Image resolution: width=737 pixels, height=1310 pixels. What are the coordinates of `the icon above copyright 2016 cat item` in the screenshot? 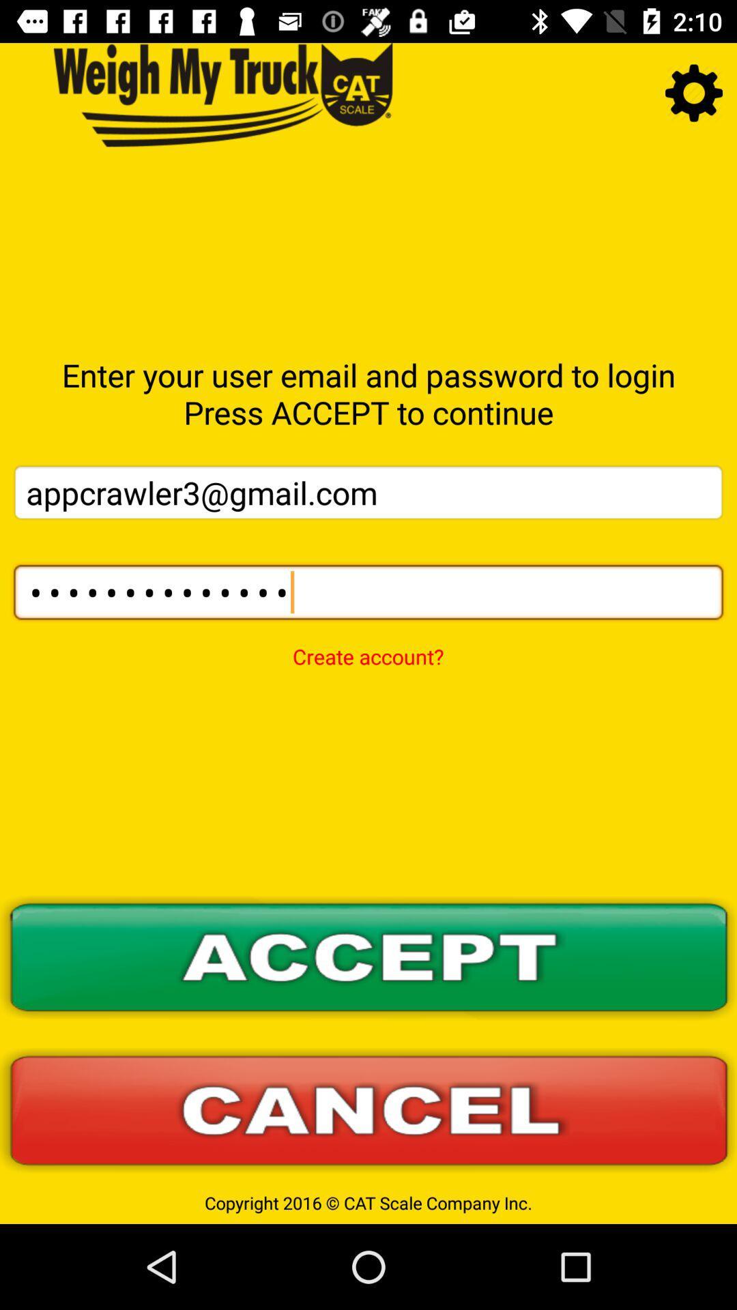 It's located at (369, 1110).